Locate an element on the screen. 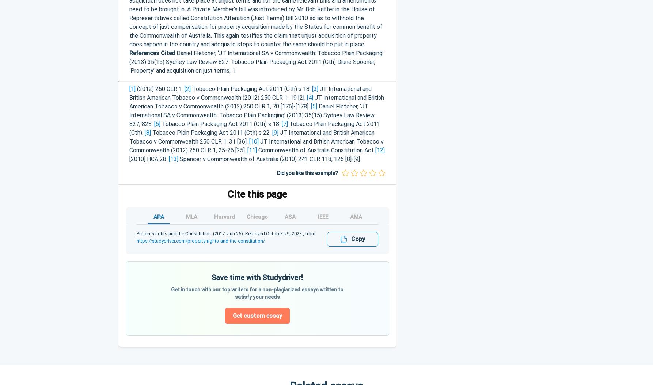 This screenshot has width=653, height=385. '[9]' is located at coordinates (272, 132).